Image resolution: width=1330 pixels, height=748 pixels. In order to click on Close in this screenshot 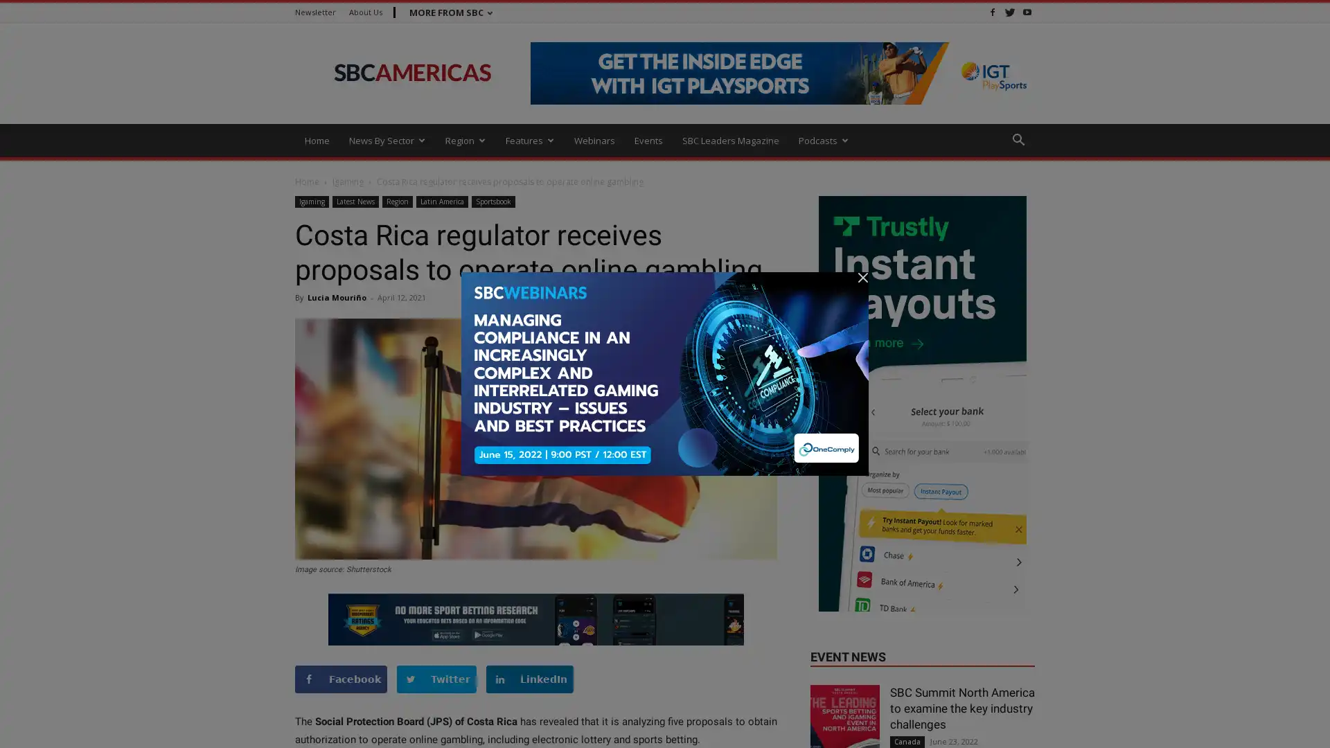, I will do `click(1305, 720)`.